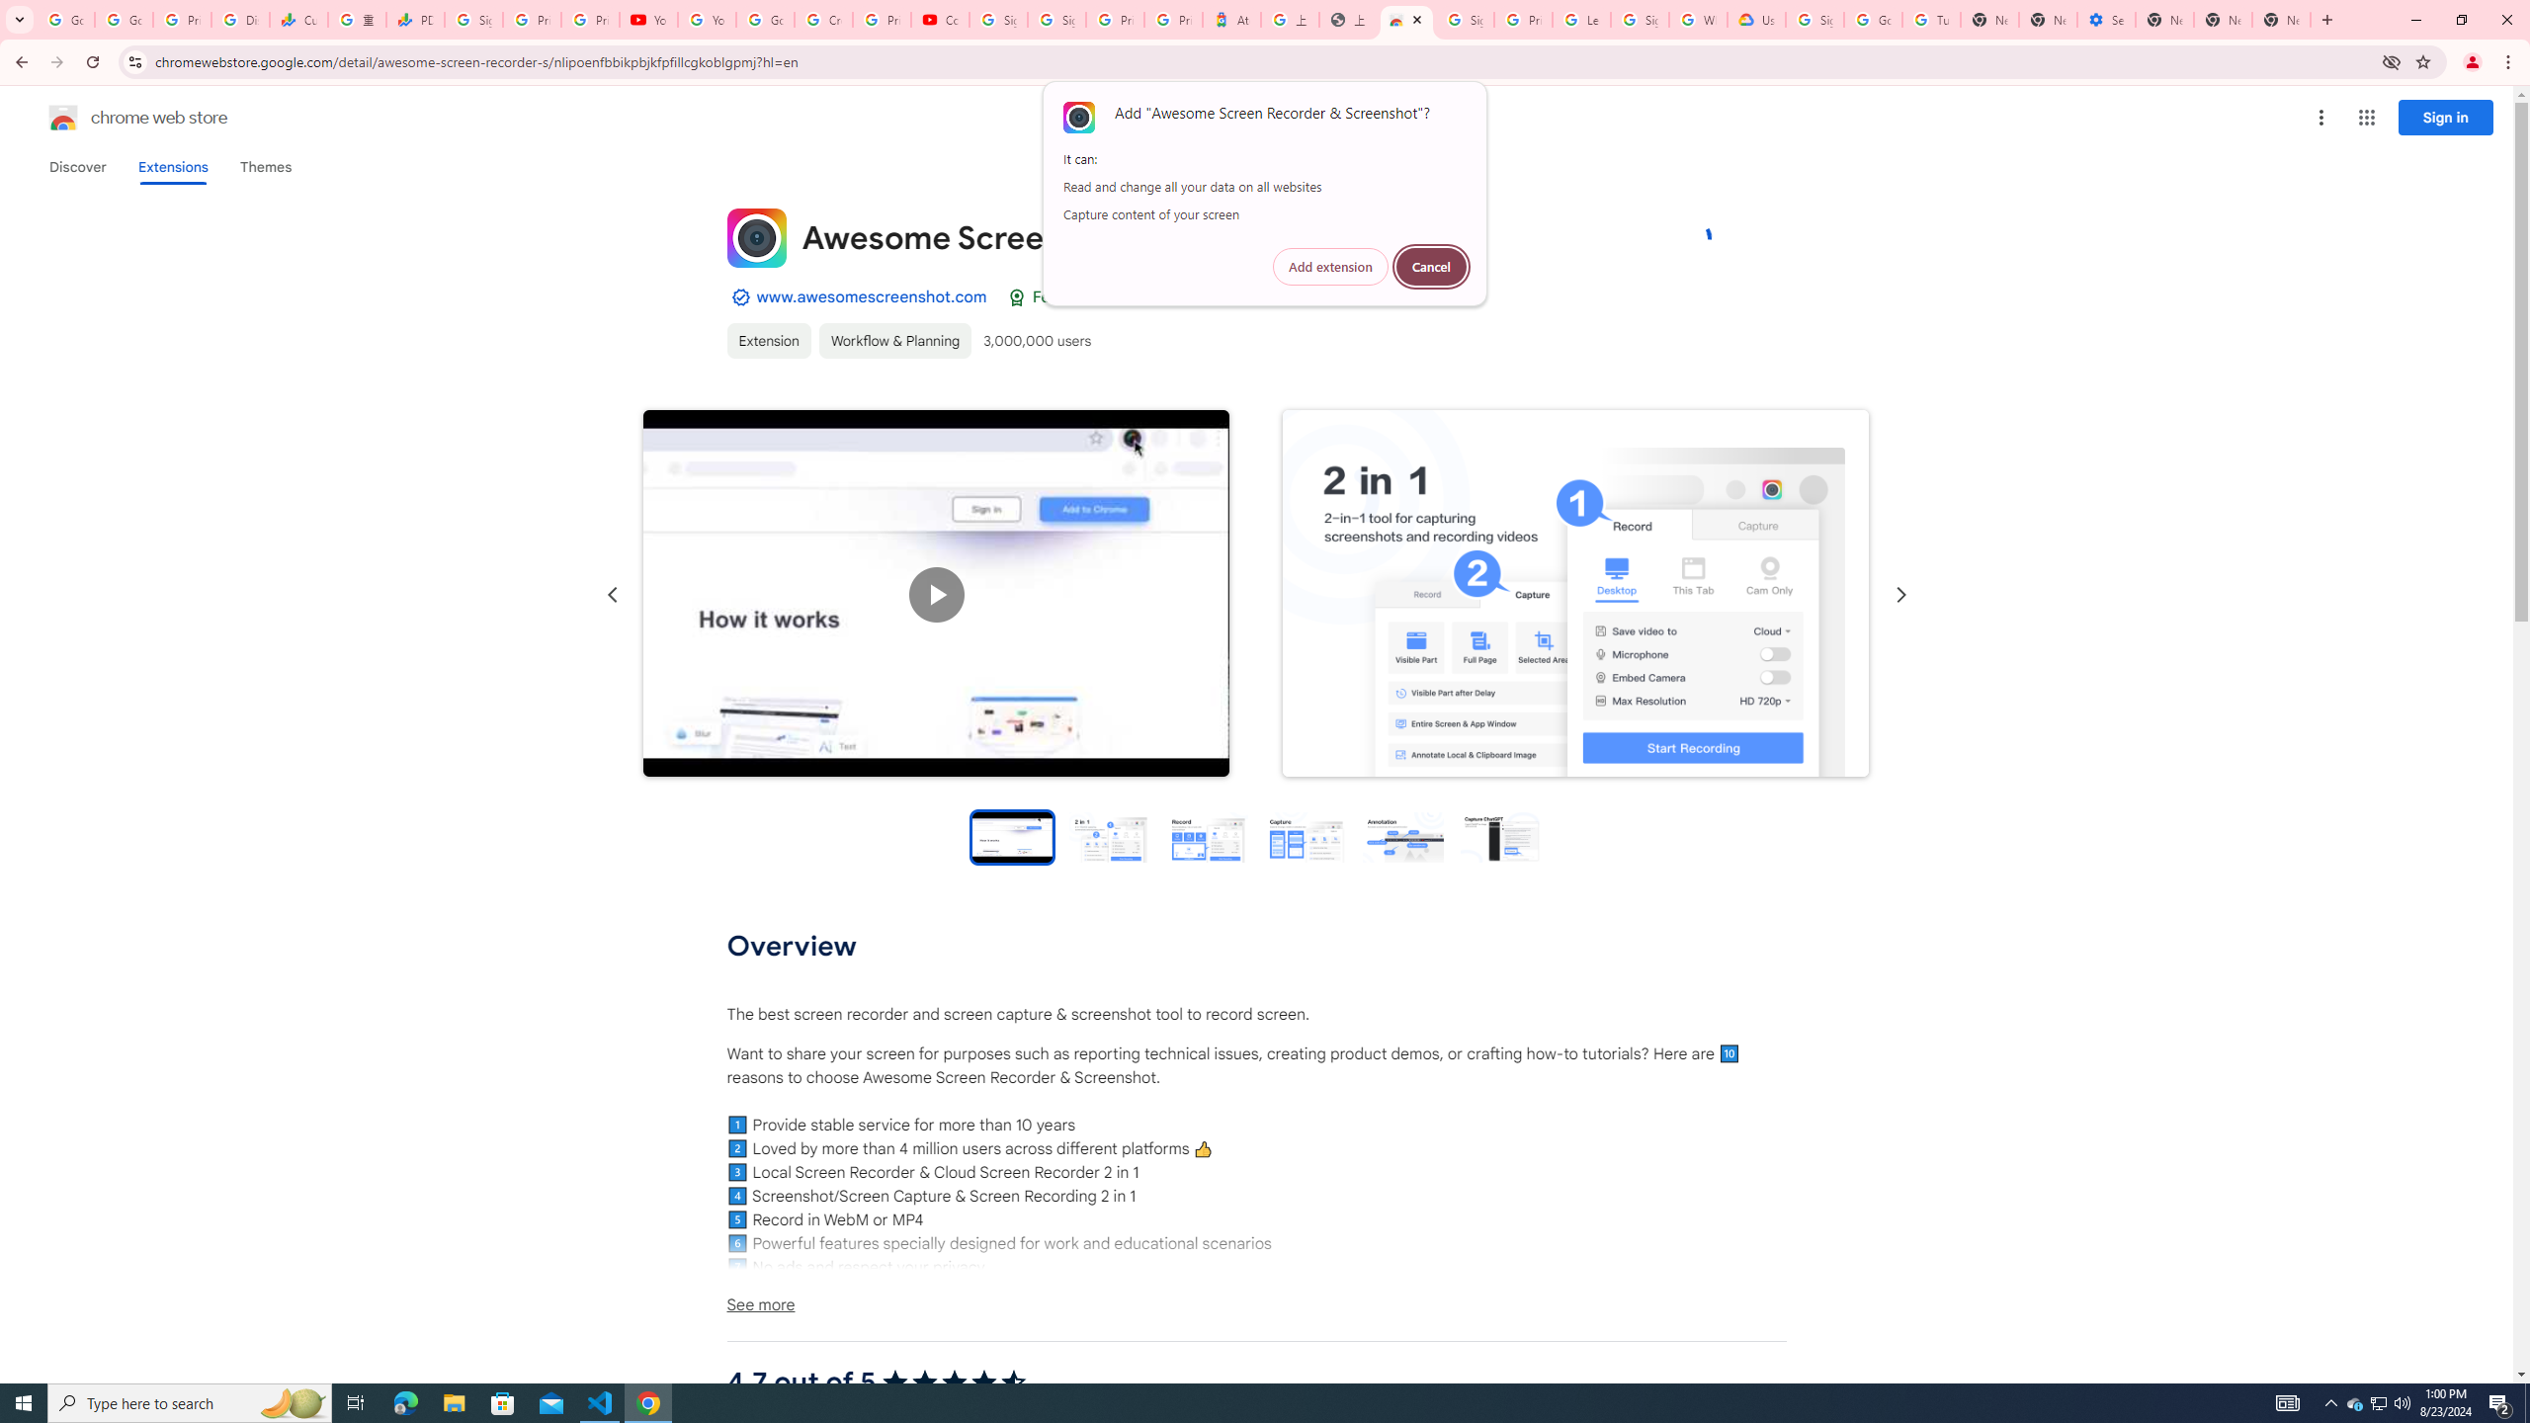 This screenshot has width=2530, height=1423. Describe the element at coordinates (1574, 593) in the screenshot. I see `'Item media 2 screenshot'` at that location.